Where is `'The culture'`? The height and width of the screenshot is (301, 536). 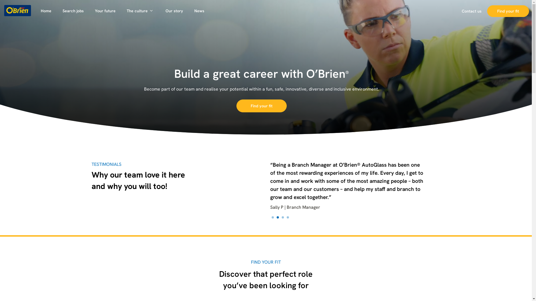 'The culture' is located at coordinates (140, 11).